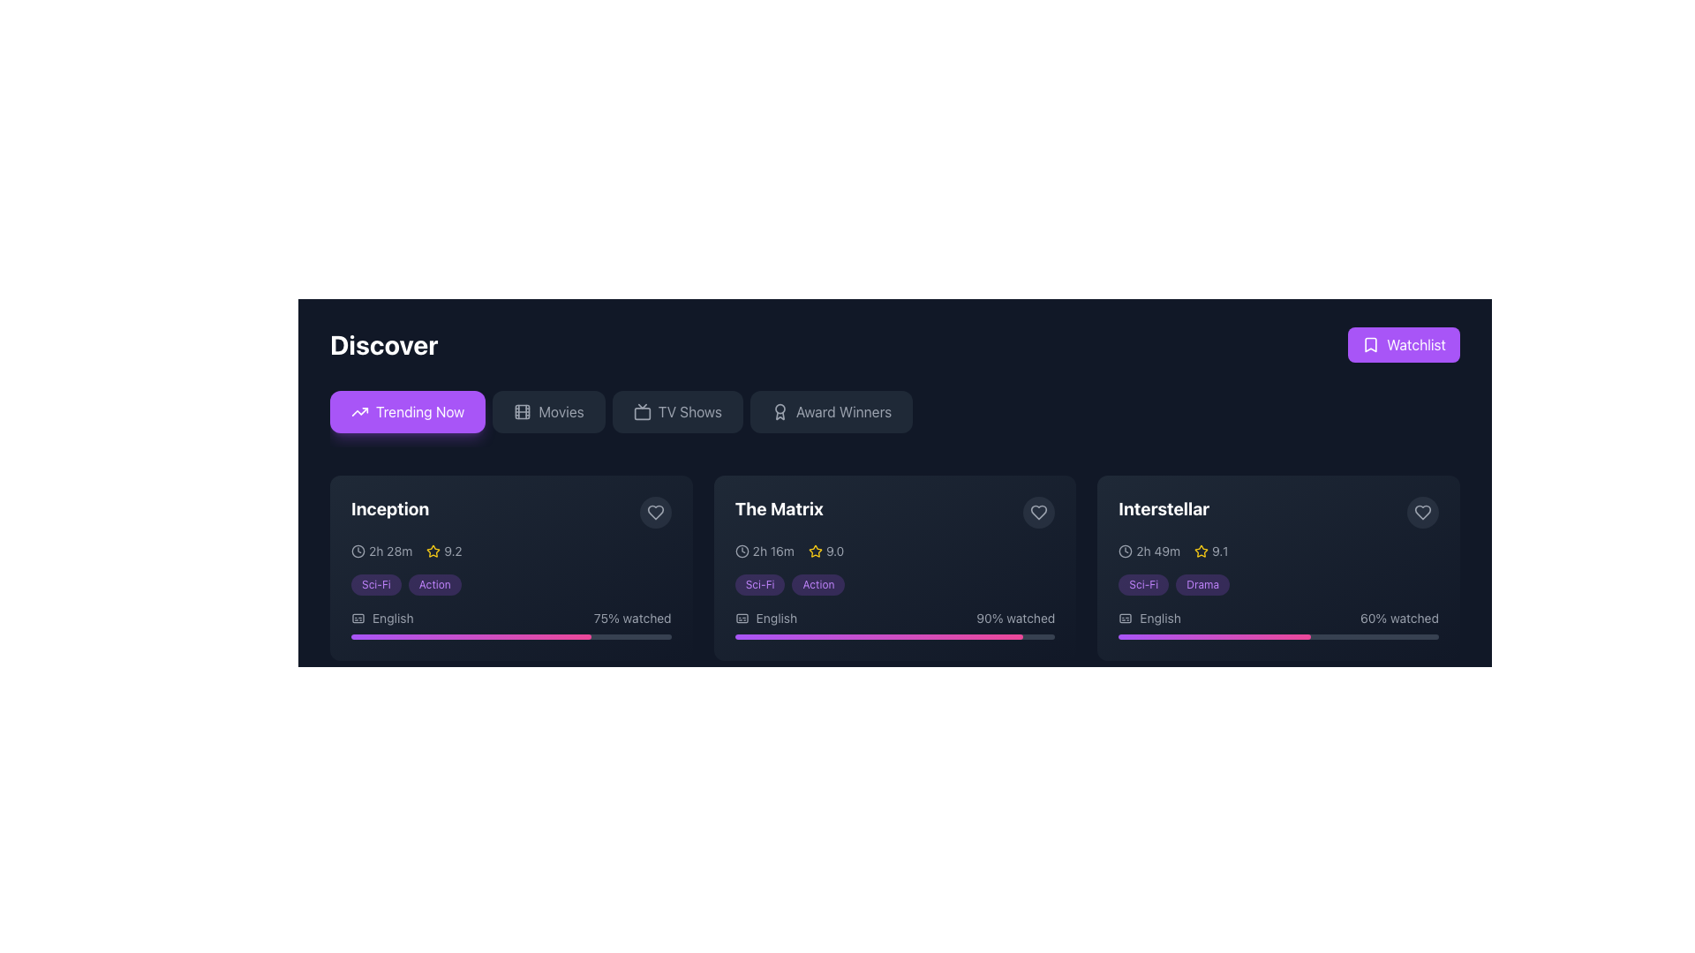  I want to click on the clock icon located at the top left corner of the card for 'The Matrix', before the duration text '2h 16m', so click(742, 550).